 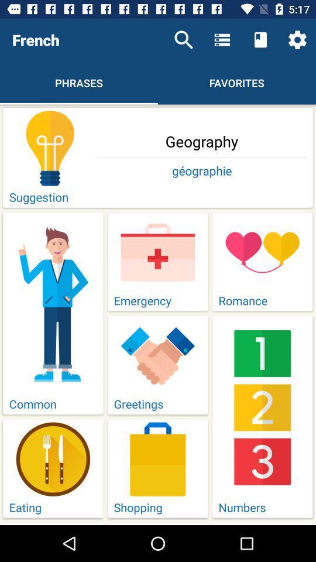 I want to click on item above geography icon, so click(x=184, y=40).